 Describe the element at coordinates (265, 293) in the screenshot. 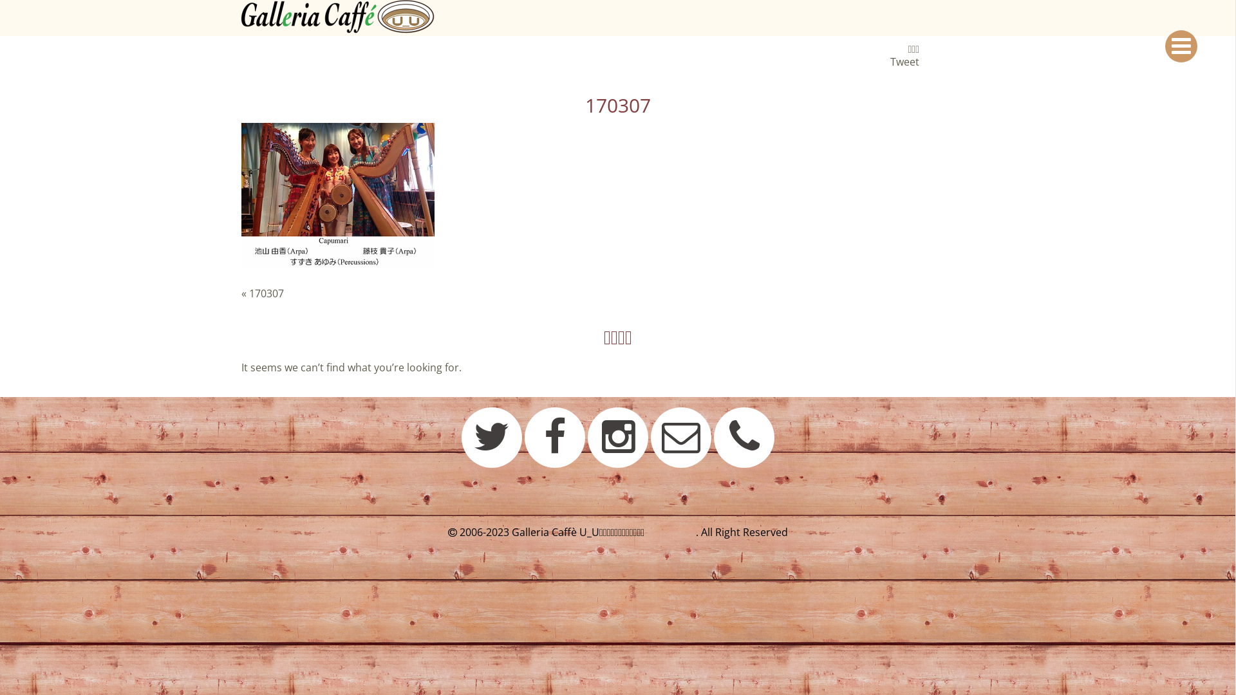

I see `'170307'` at that location.